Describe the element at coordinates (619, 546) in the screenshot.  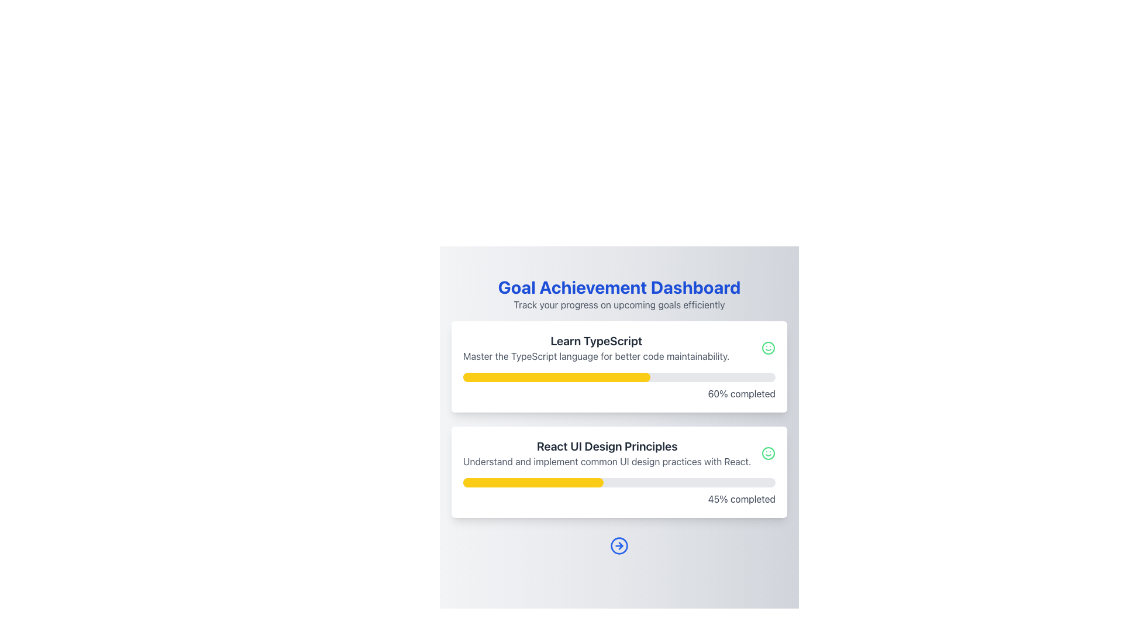
I see `the navigation icon located at the bottom of the interface, below the 'React UI Design Principles' section` at that location.